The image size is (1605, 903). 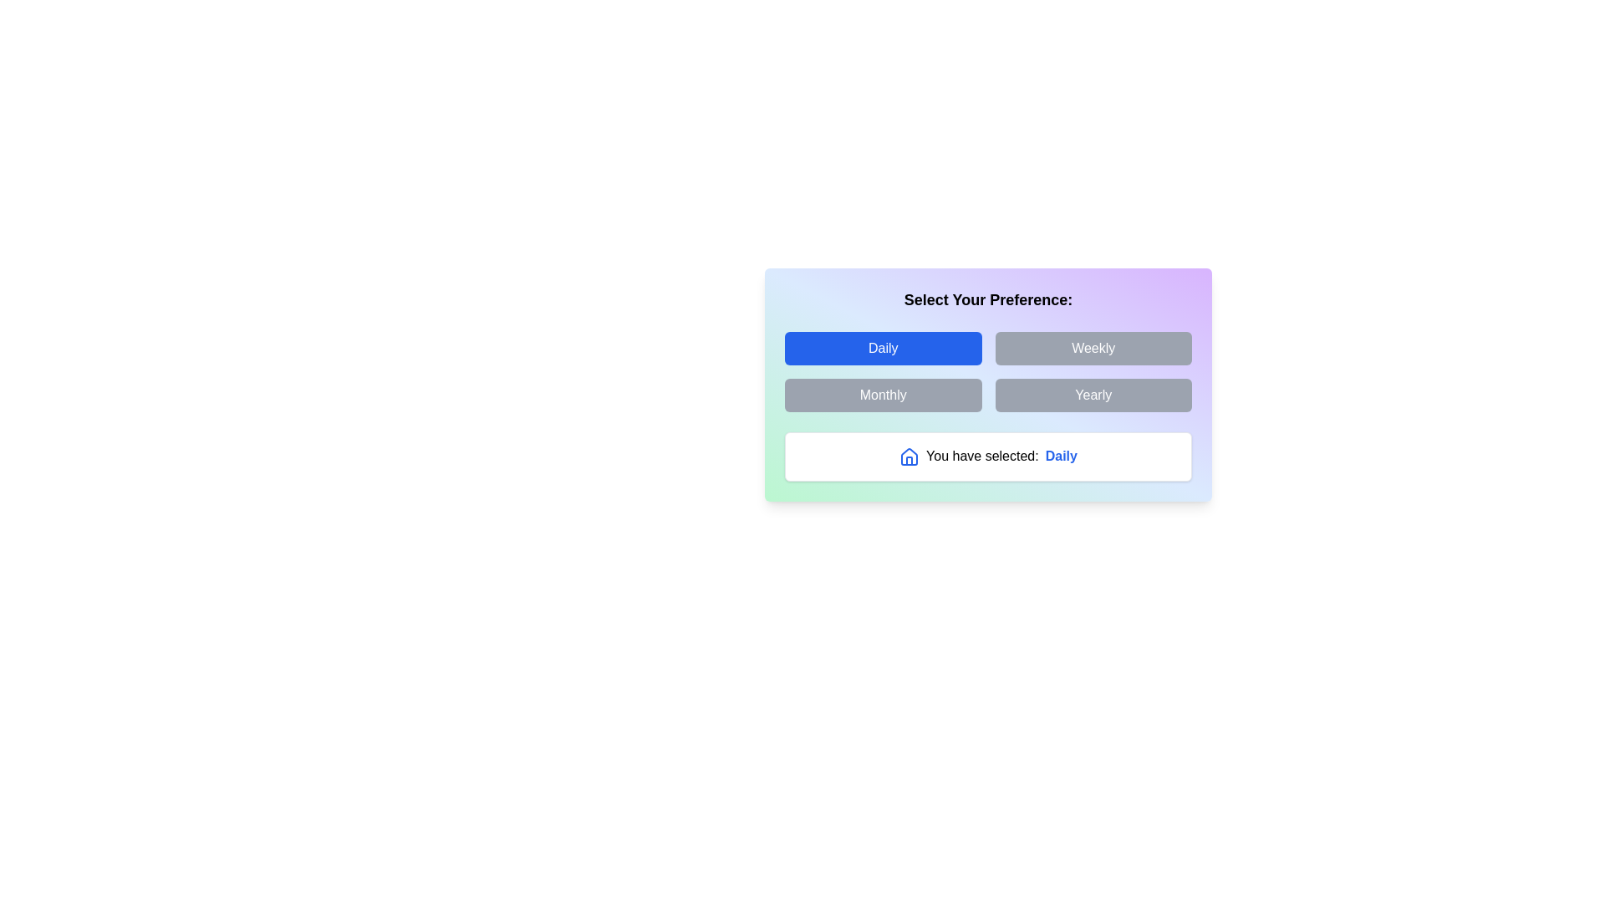 I want to click on the 'Daily' button in the grid of interactive buttons labeled 'Daily', 'Weekly', 'Monthly', and 'Yearly', which is styled with rounded corners and is located below the heading 'Select Your Preference:', so click(x=988, y=370).